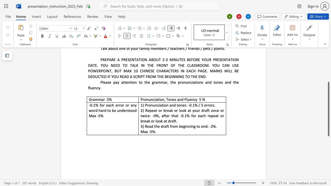 This screenshot has height=186, width=331. I want to click on the scrollbar to scroll the page up, so click(328, 70).